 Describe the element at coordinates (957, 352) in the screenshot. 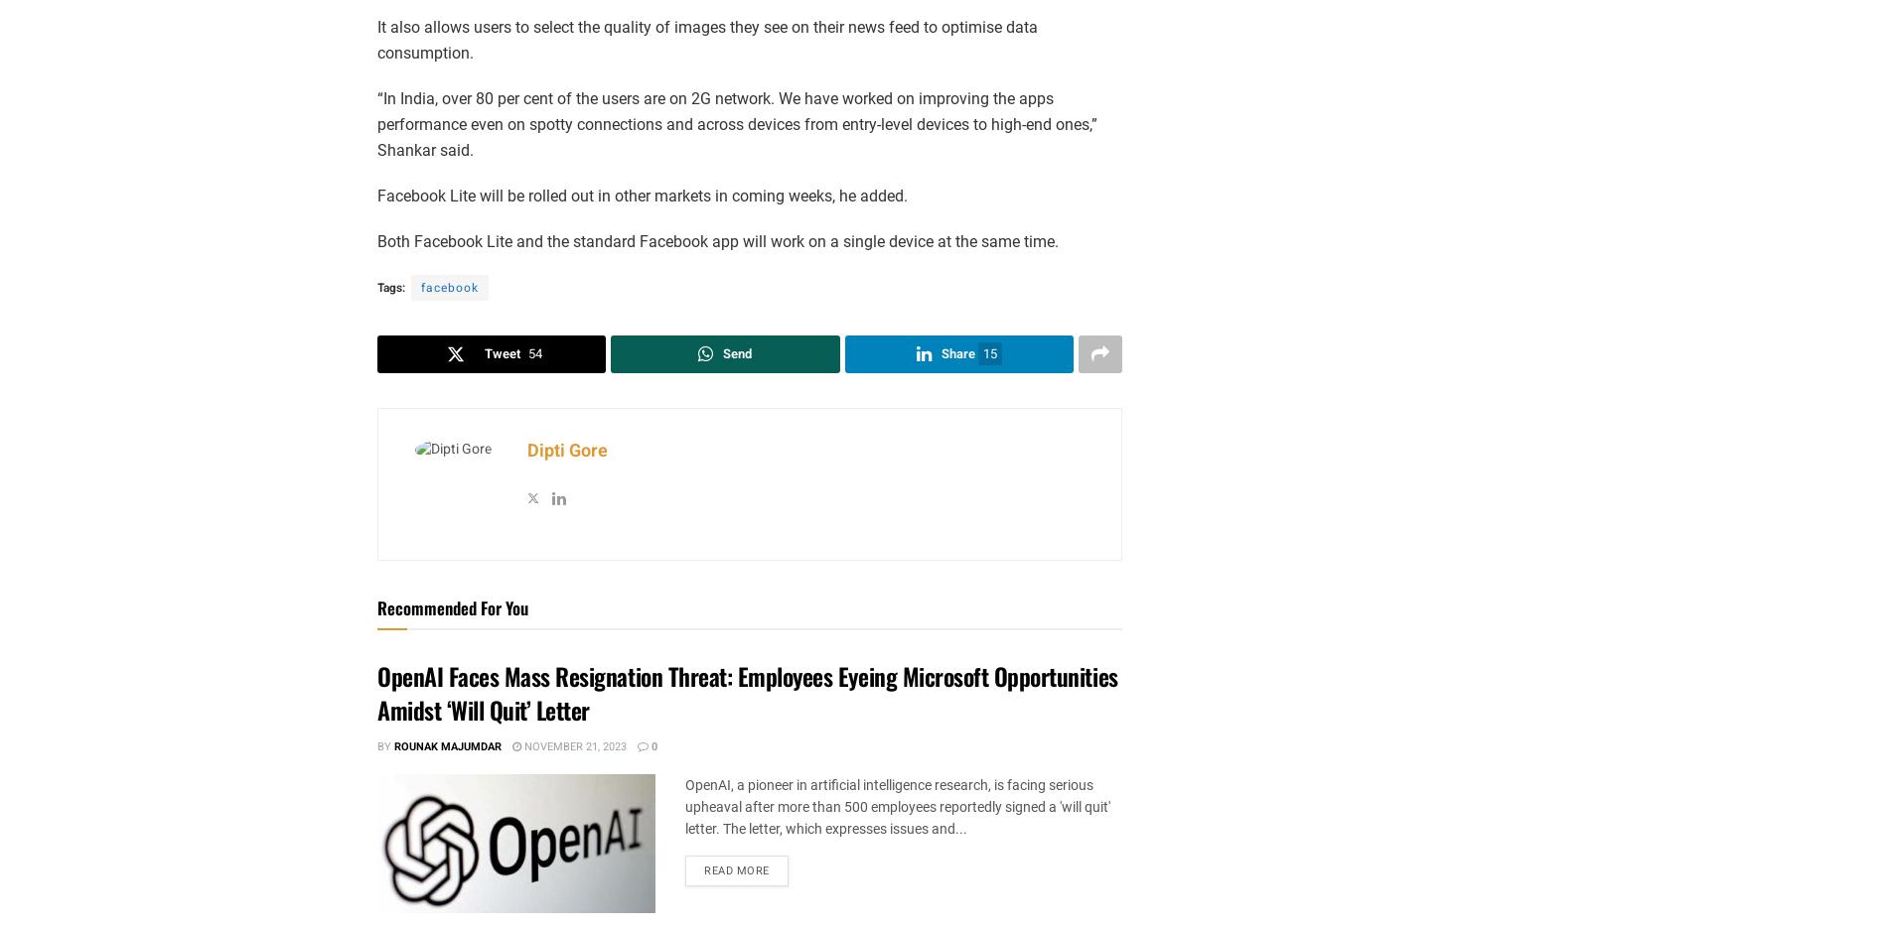

I see `'Share'` at that location.